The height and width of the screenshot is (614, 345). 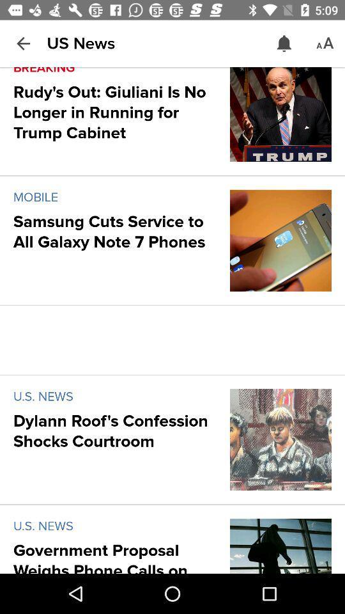 I want to click on the icon to the right of us news item, so click(x=284, y=43).